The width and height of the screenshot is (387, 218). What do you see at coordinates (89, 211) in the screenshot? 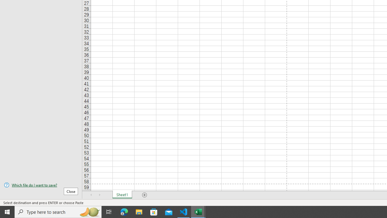
I see `'Search highlights icon opens search home window'` at bounding box center [89, 211].